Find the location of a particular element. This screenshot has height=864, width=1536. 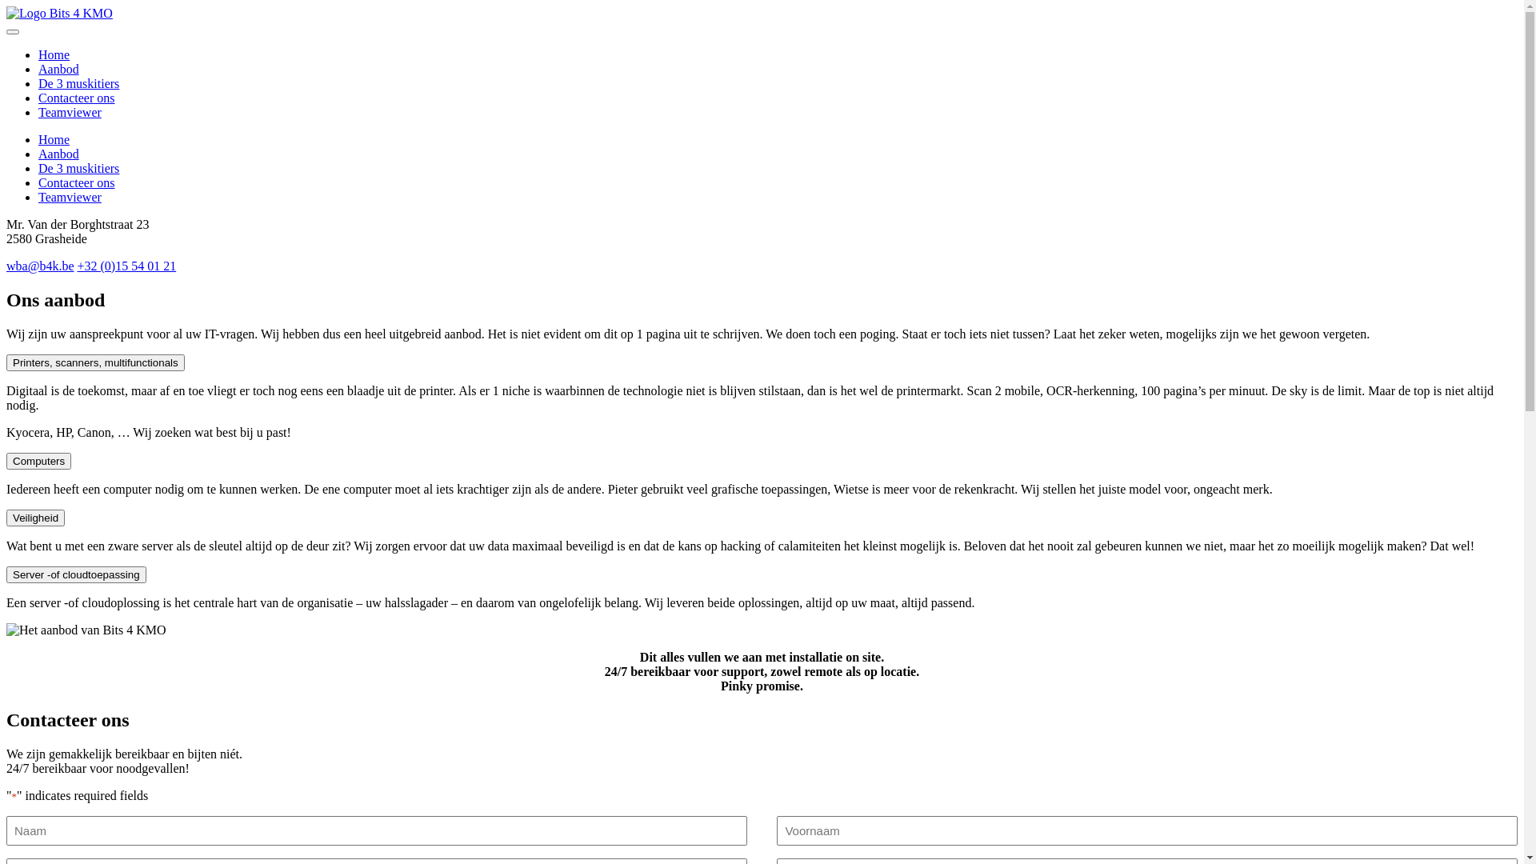

'Contacteer ons' is located at coordinates (76, 182).